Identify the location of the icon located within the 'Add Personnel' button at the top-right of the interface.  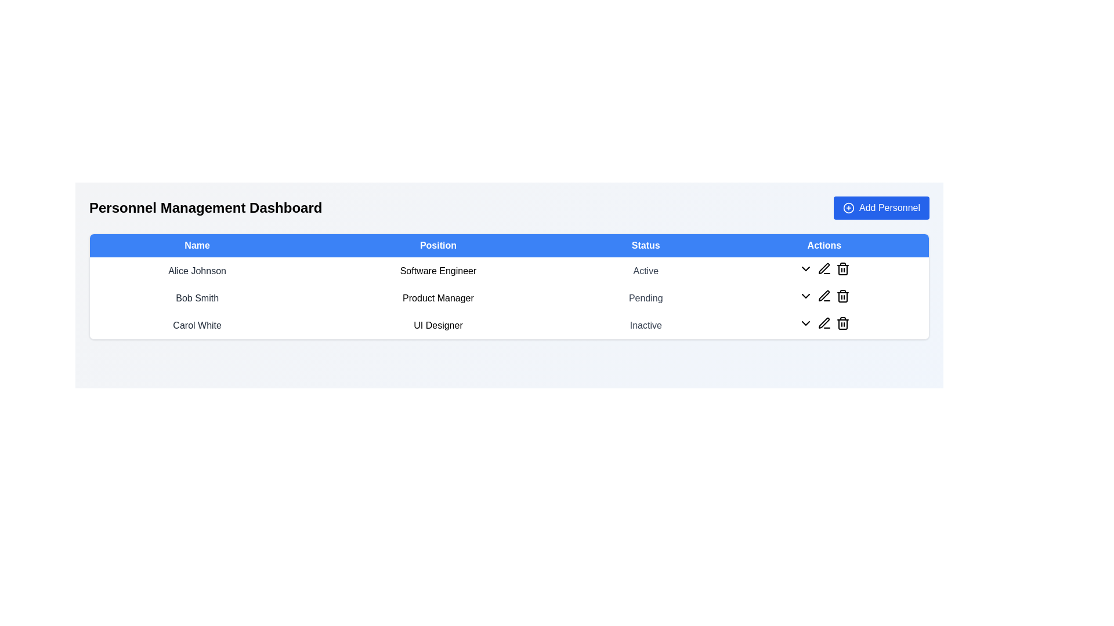
(849, 207).